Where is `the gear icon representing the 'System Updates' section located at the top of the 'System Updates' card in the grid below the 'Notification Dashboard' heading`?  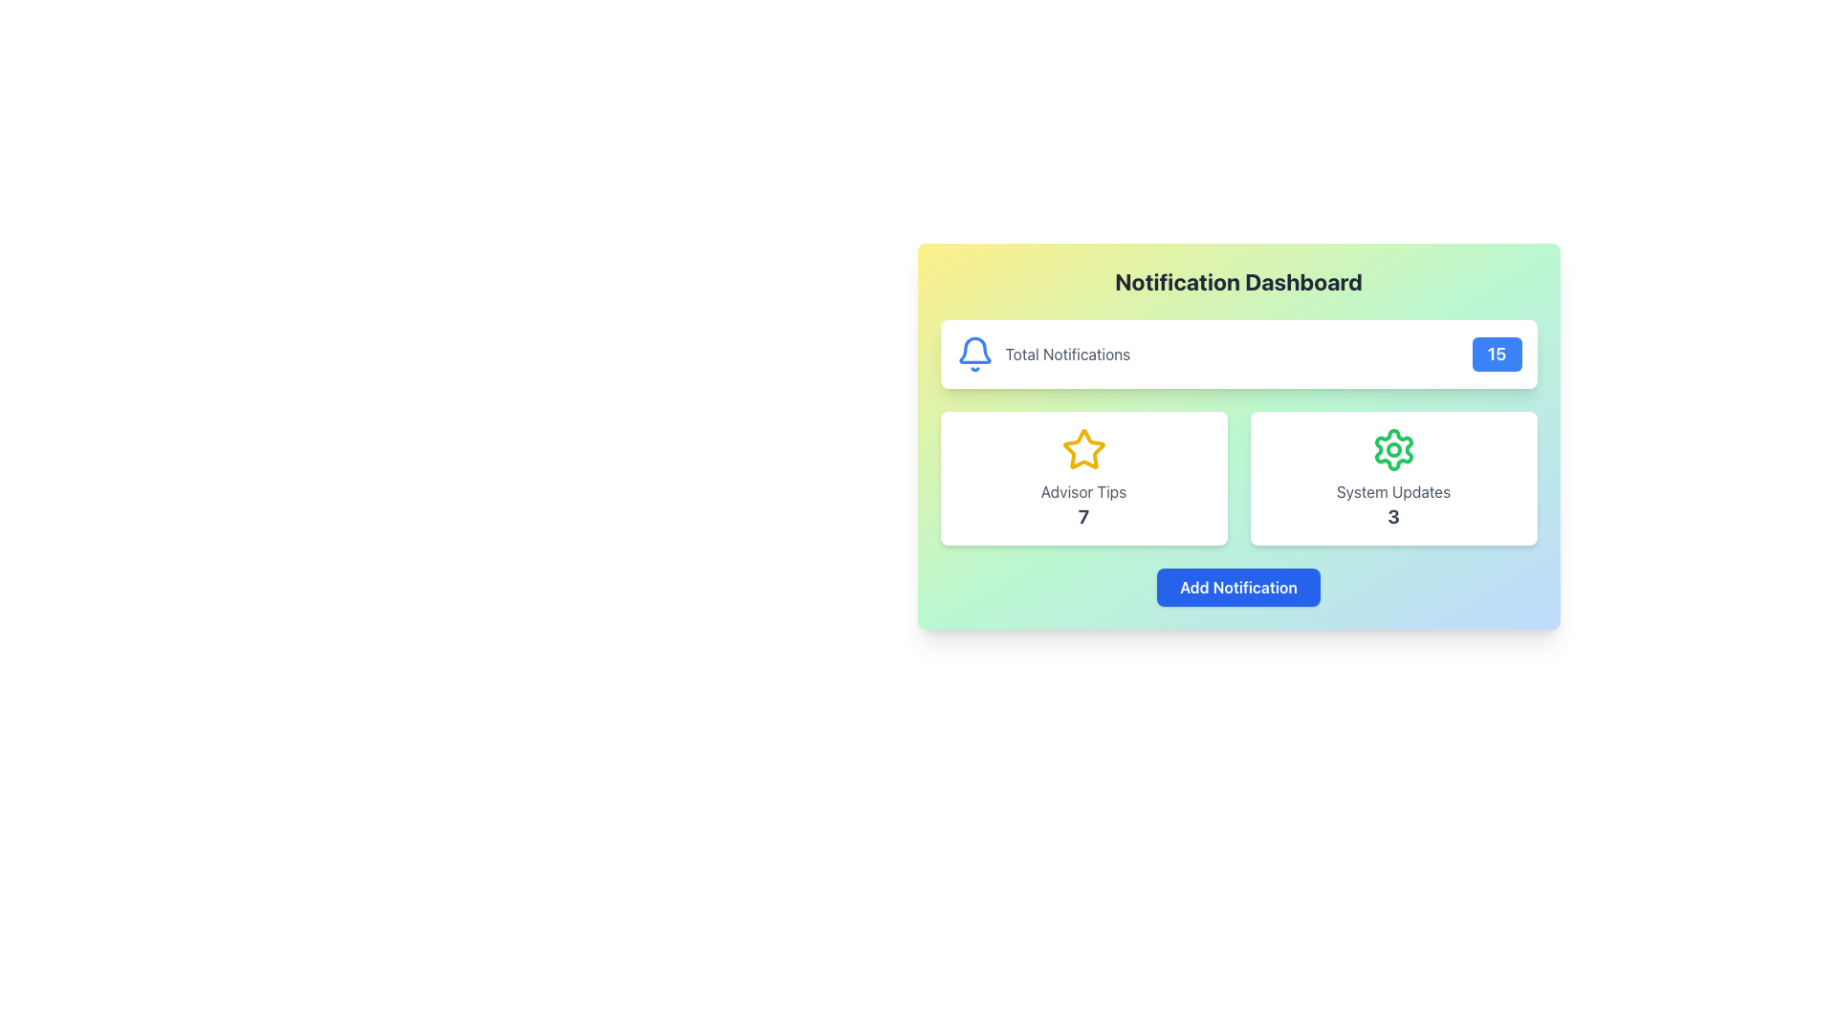
the gear icon representing the 'System Updates' section located at the top of the 'System Updates' card in the grid below the 'Notification Dashboard' heading is located at coordinates (1393, 449).